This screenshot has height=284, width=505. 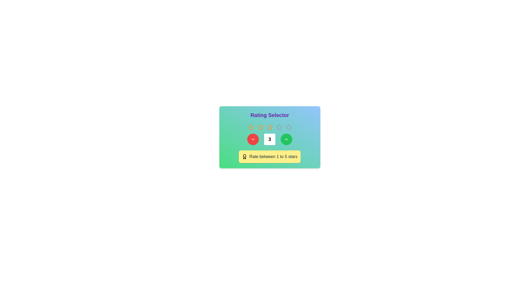 What do you see at coordinates (253, 139) in the screenshot?
I see `the circular red button with a white downward-pointing chevron icon to decrement the value` at bounding box center [253, 139].